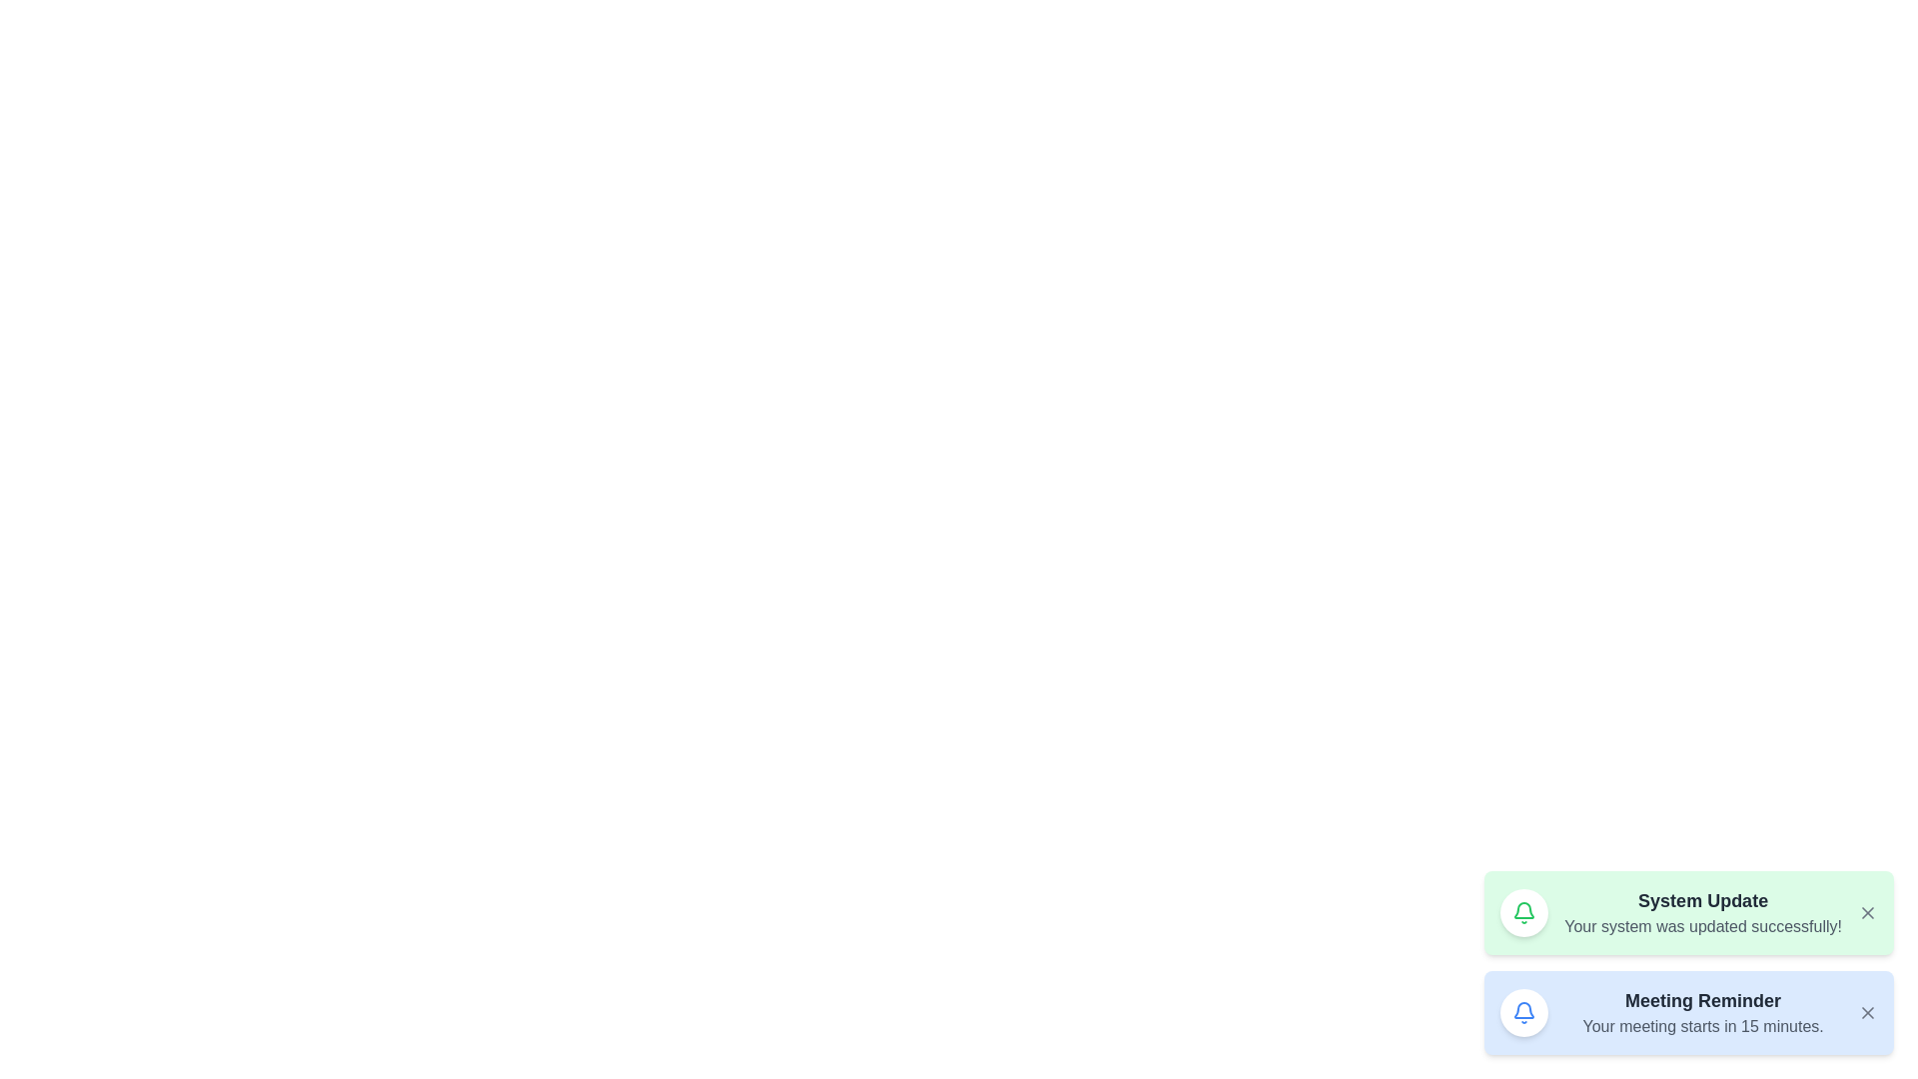 This screenshot has height=1079, width=1918. What do you see at coordinates (1687, 913) in the screenshot?
I see `the notification titled 'System Update'` at bounding box center [1687, 913].